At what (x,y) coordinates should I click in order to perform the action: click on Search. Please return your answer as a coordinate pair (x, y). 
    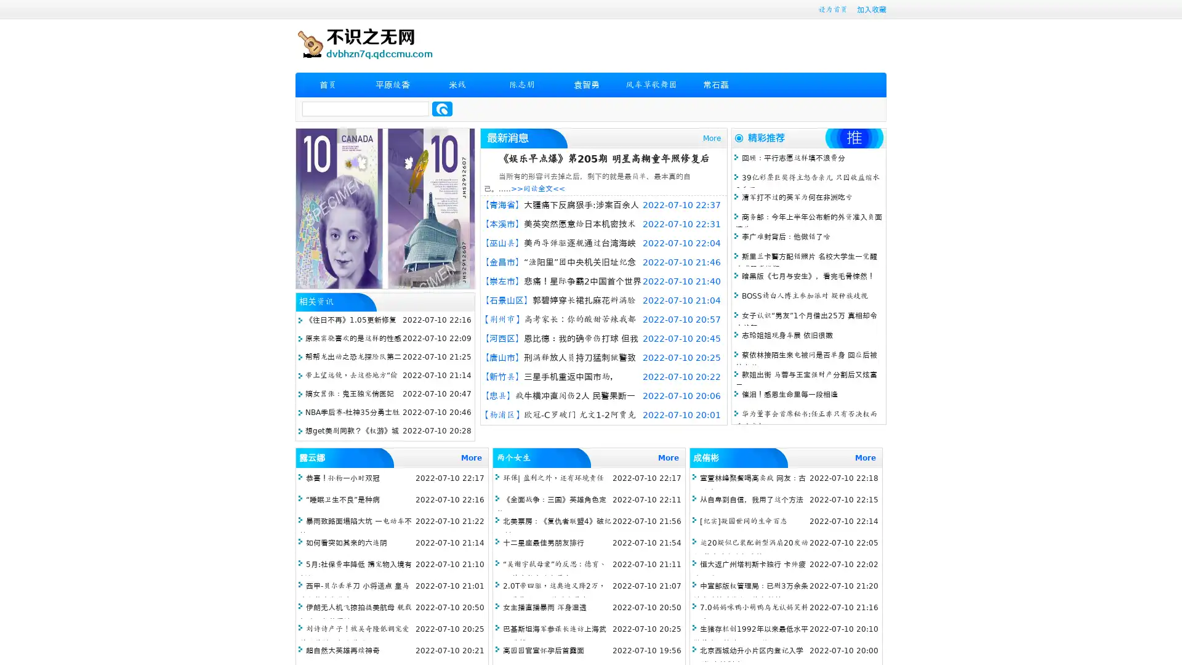
    Looking at the image, I should click on (442, 108).